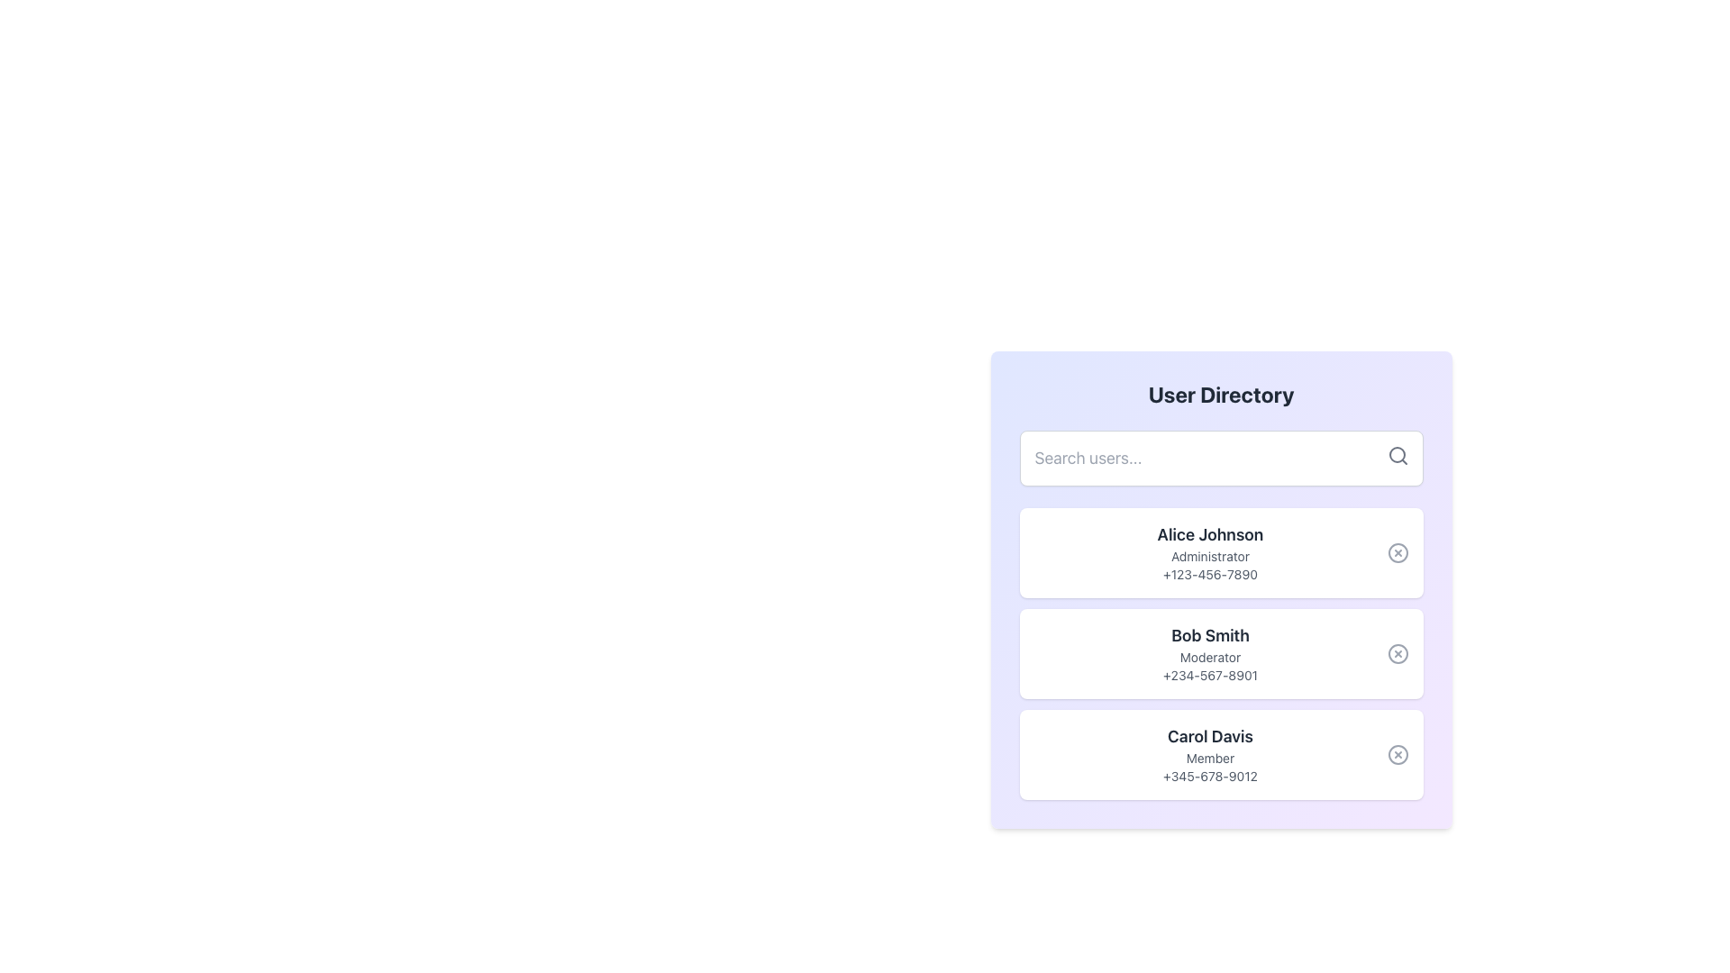 The image size is (1730, 973). What do you see at coordinates (1397, 754) in the screenshot?
I see `the small circle-shaped graphical component representing a removal action within the entry for 'Carol Davis', located in the bottom-right corner of the user list` at bounding box center [1397, 754].